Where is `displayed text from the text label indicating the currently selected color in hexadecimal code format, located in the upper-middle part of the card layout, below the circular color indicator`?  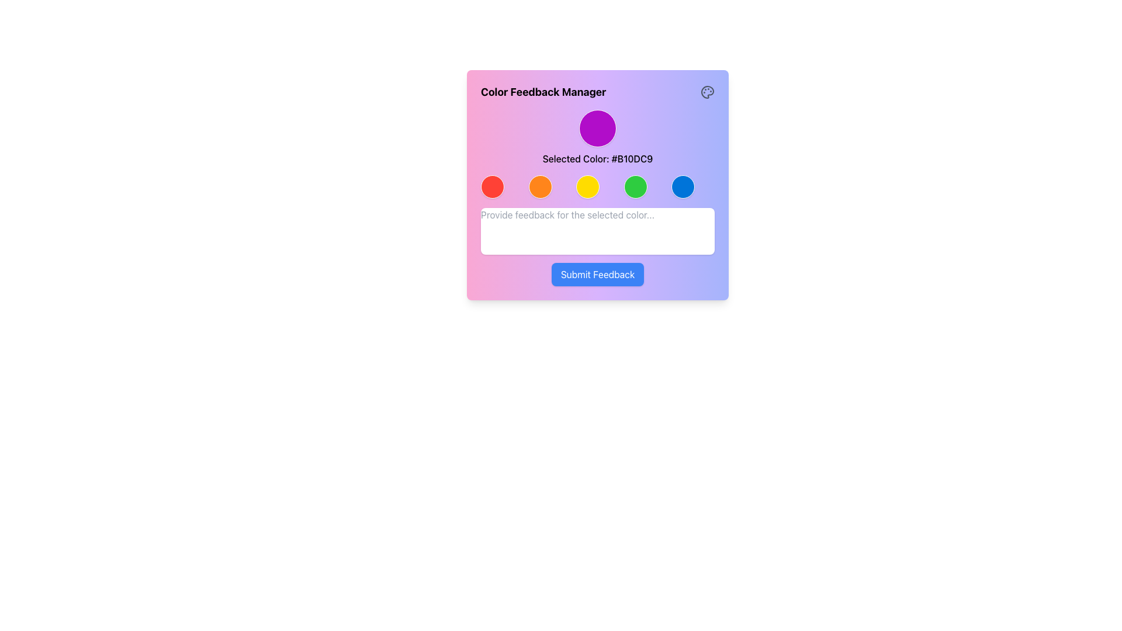 displayed text from the text label indicating the currently selected color in hexadecimal code format, located in the upper-middle part of the card layout, below the circular color indicator is located at coordinates (597, 159).